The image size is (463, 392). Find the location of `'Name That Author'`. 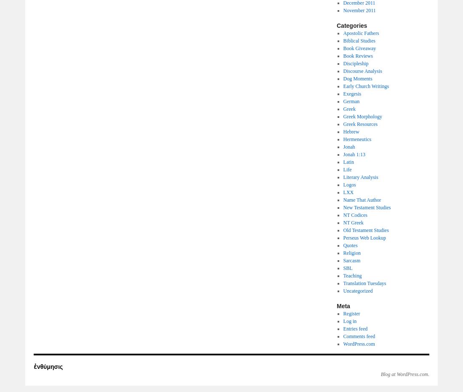

'Name That Author' is located at coordinates (361, 200).